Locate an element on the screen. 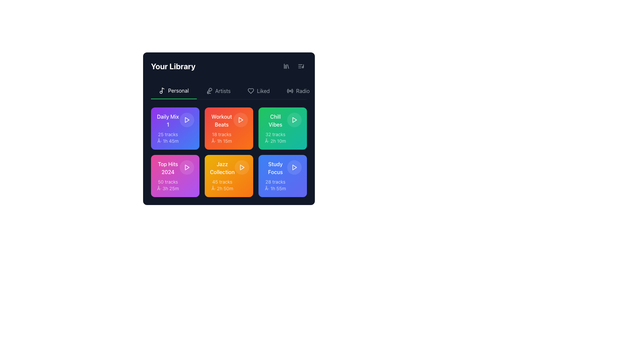 This screenshot has height=356, width=633. the microphone icon in the navigation bar is located at coordinates (209, 91).